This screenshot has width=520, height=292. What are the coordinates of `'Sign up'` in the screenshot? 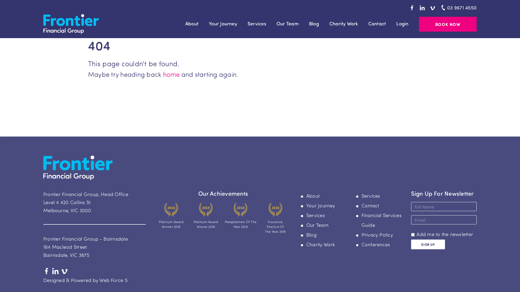 It's located at (427, 244).